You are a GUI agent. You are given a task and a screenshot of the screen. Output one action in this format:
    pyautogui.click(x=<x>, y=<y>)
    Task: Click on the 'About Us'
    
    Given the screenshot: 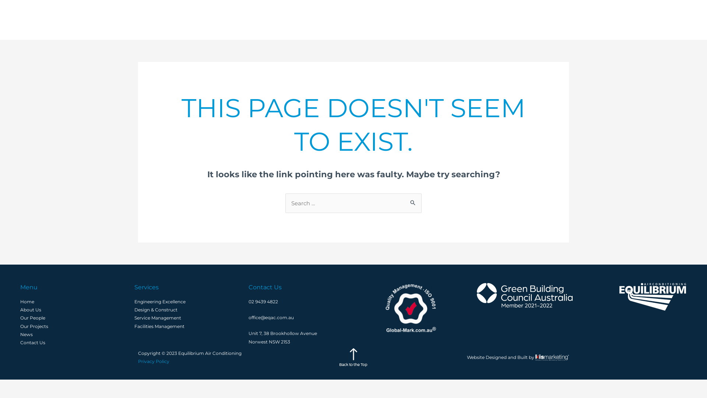 What is the action you would take?
    pyautogui.click(x=505, y=20)
    